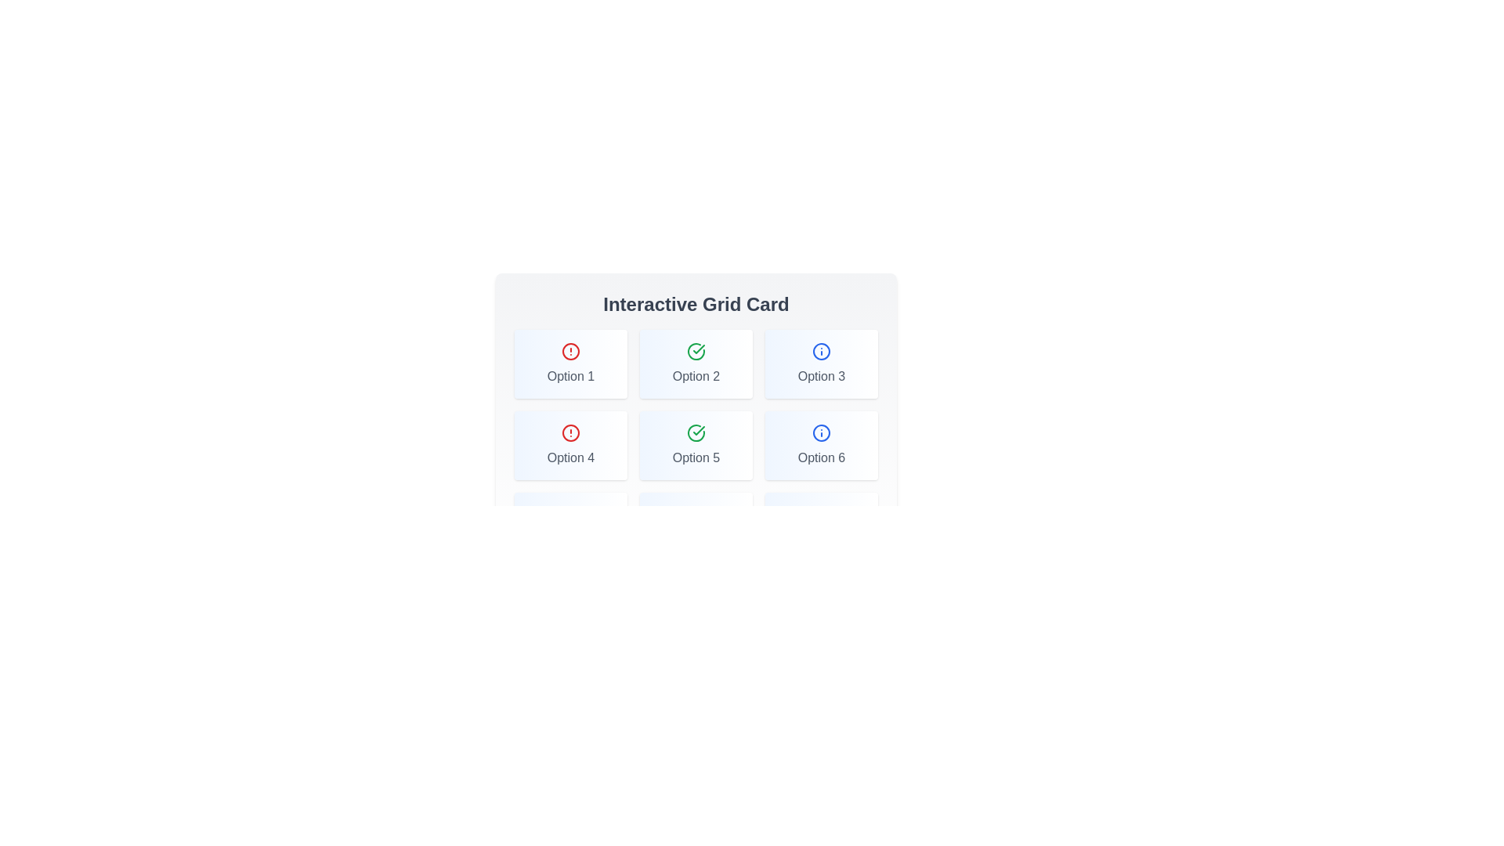 The width and height of the screenshot is (1504, 846). What do you see at coordinates (695, 432) in the screenshot?
I see `the SVG-based icon representation of a checkmark inside a circle that indicates the status of 'Option 5' in the 2x3 grid layout` at bounding box center [695, 432].